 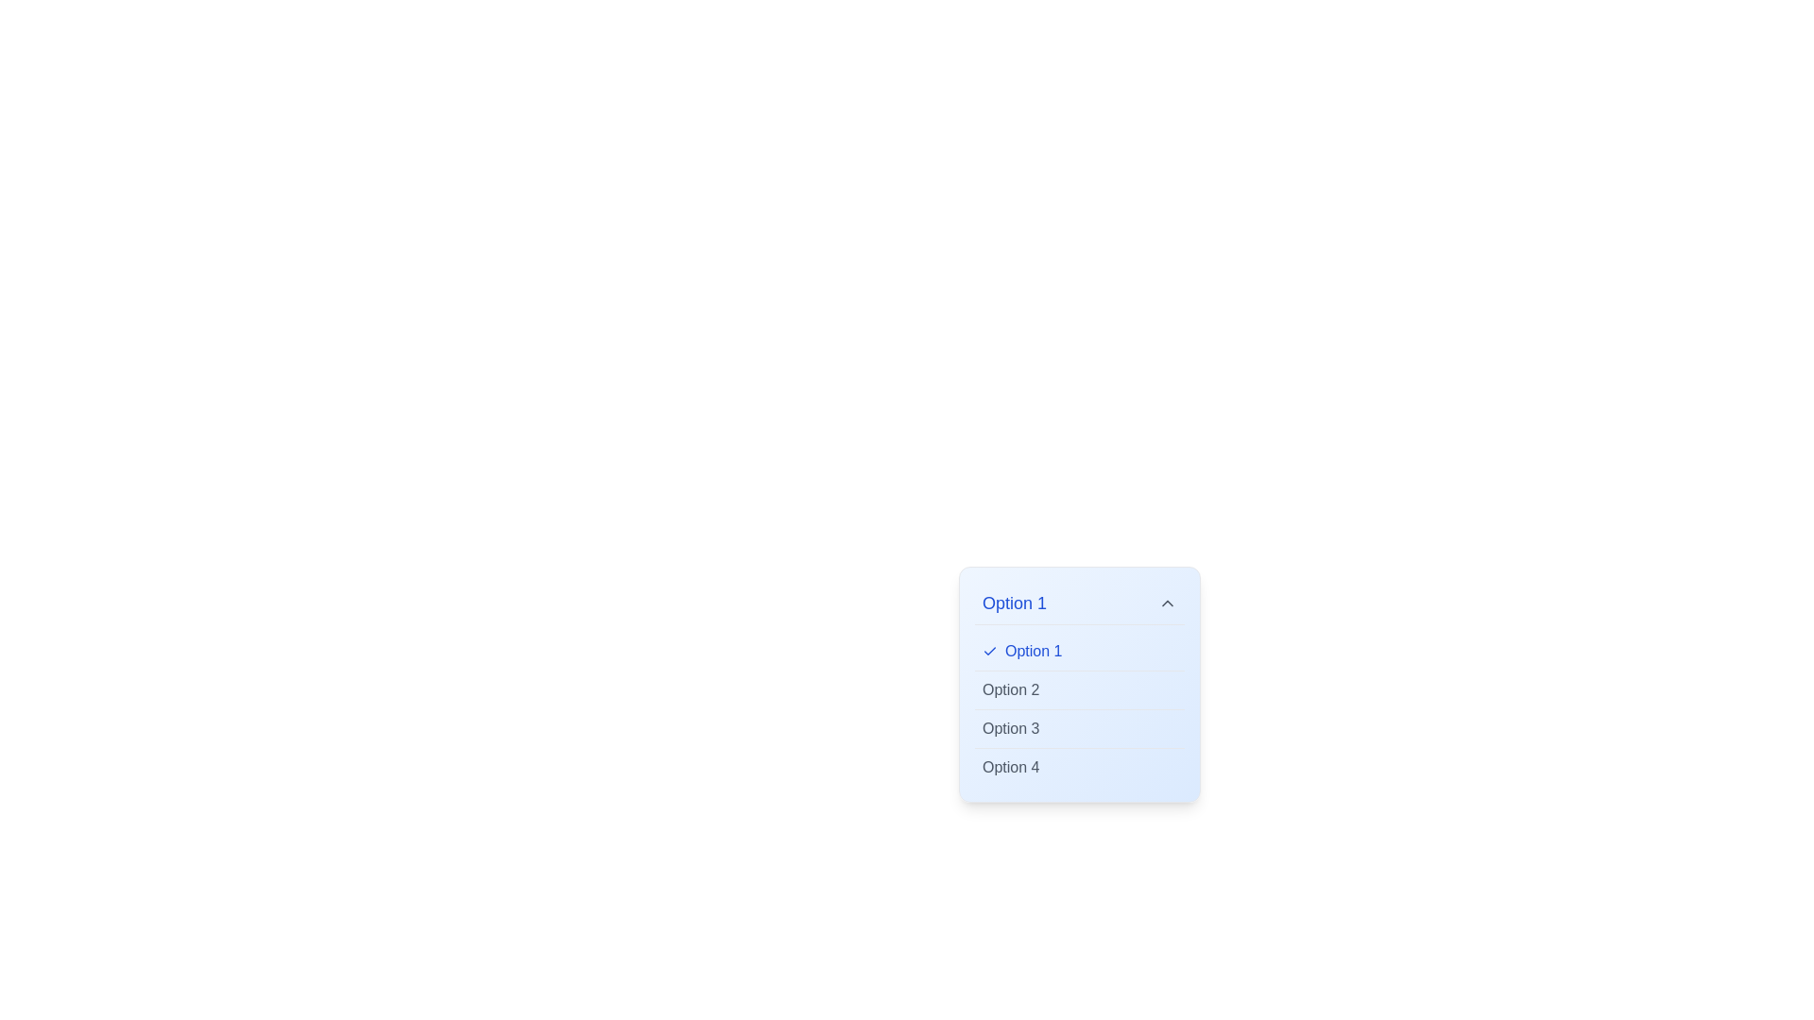 I want to click on the second option in the dropdown menu, so click(x=1079, y=688).